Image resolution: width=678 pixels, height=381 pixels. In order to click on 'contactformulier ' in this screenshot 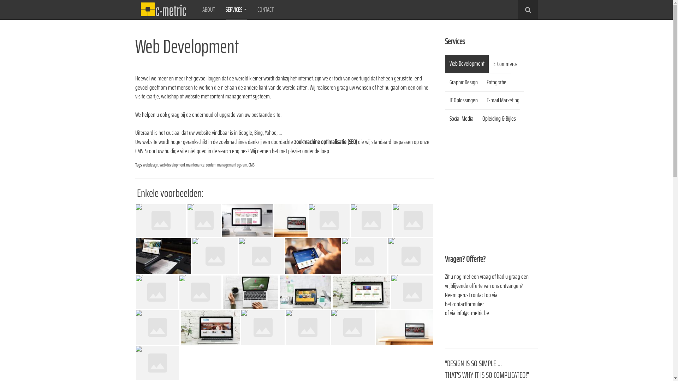, I will do `click(468, 303)`.